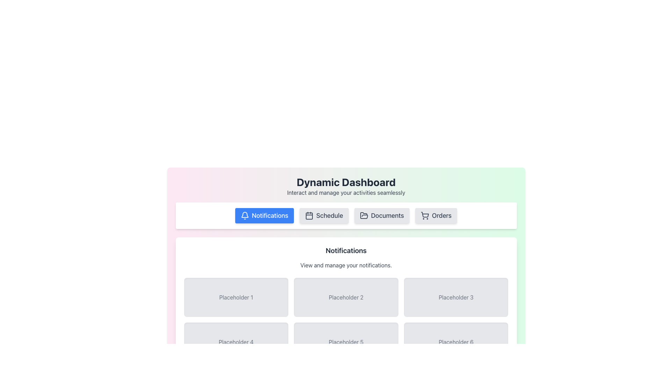  What do you see at coordinates (245, 215) in the screenshot?
I see `the 'Notifications' button, which contains a bell icon, located as the leftmost button in the navigation menu bar at the top of the page` at bounding box center [245, 215].